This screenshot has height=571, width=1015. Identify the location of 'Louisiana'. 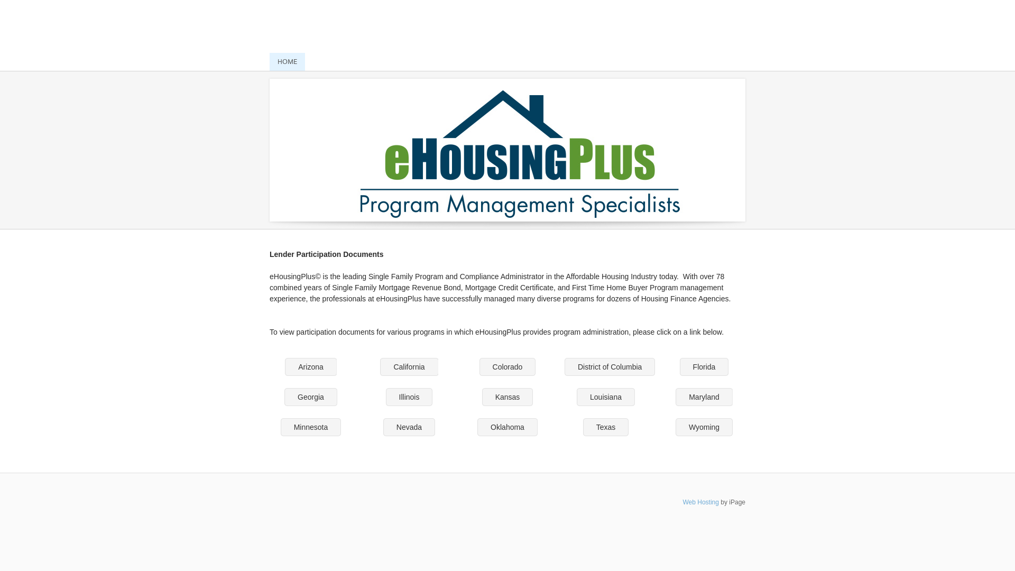
(606, 397).